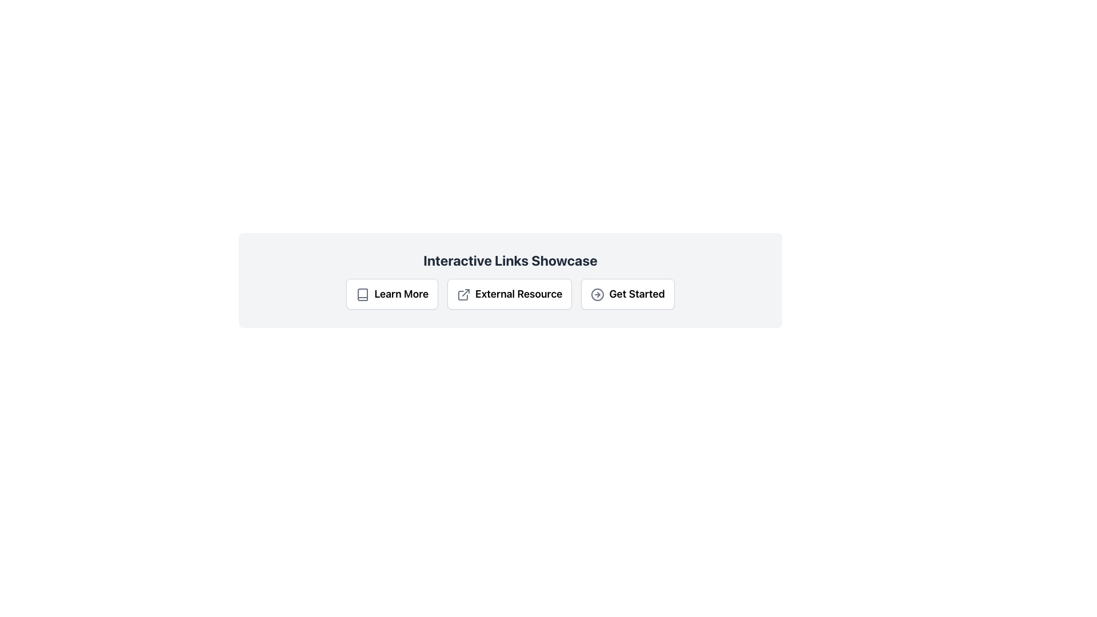 Image resolution: width=1097 pixels, height=617 pixels. What do you see at coordinates (597, 294) in the screenshot?
I see `the circular arrow icon pointing to the right, which is part of the 'Get Started' button, for interaction` at bounding box center [597, 294].